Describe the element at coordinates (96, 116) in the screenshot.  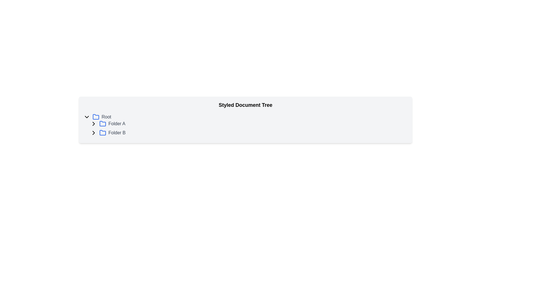
I see `the folder icon with a blue stroke color located next to the 'Root' label` at that location.